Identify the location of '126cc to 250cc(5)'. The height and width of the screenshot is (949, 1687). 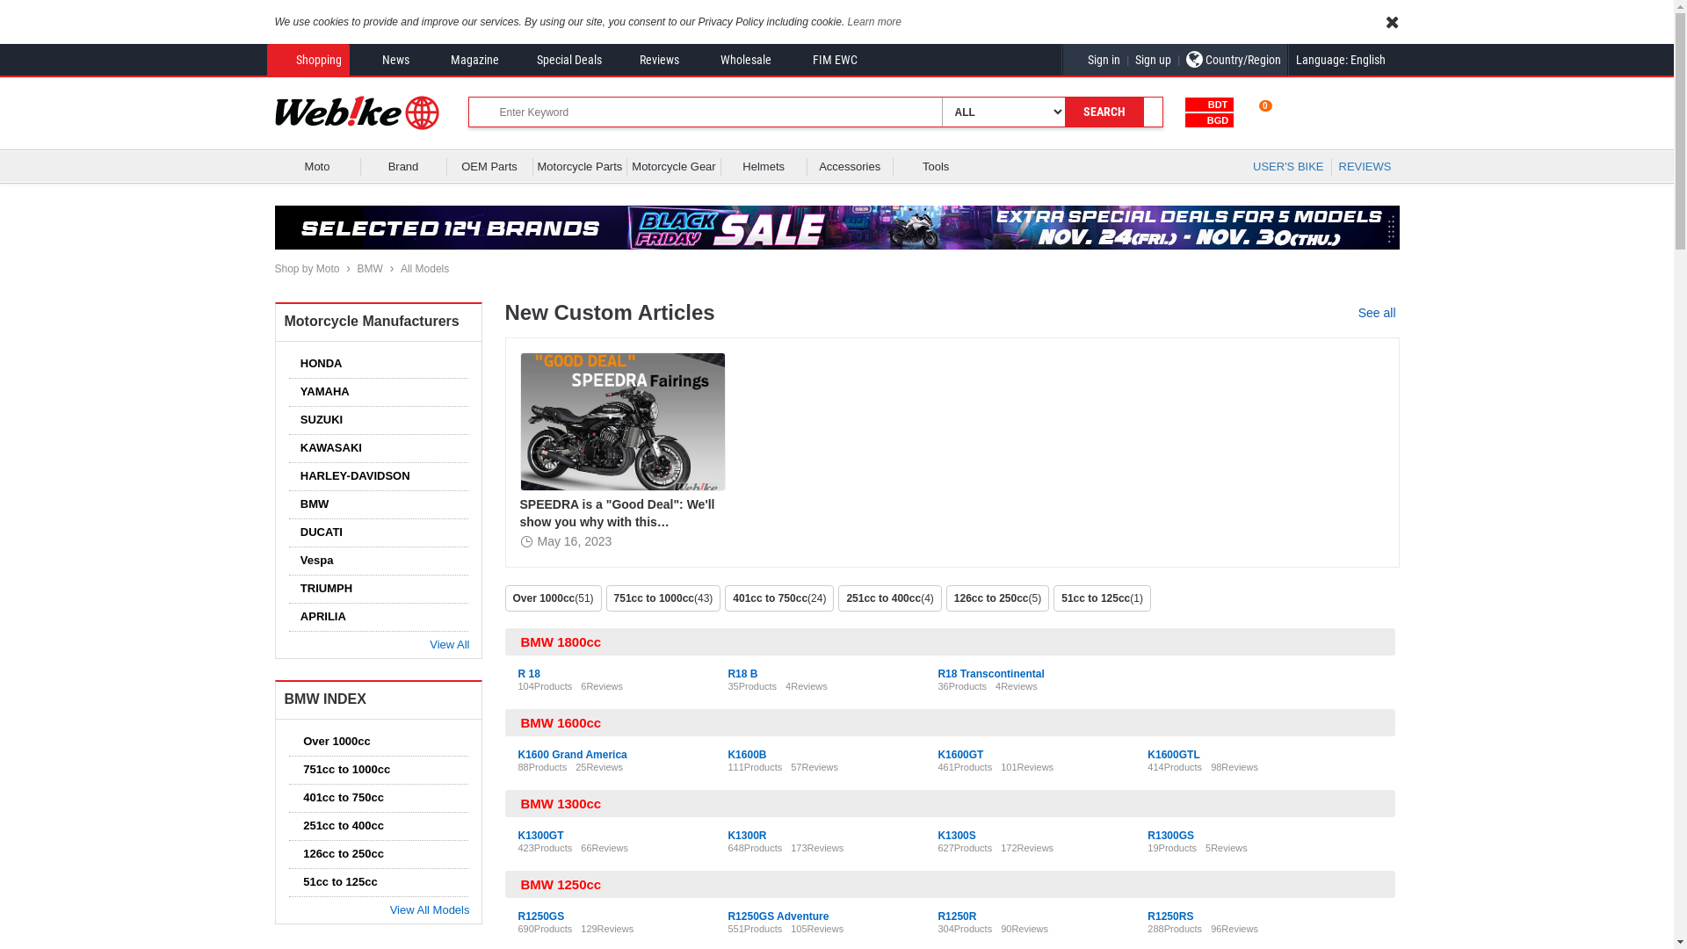
(945, 598).